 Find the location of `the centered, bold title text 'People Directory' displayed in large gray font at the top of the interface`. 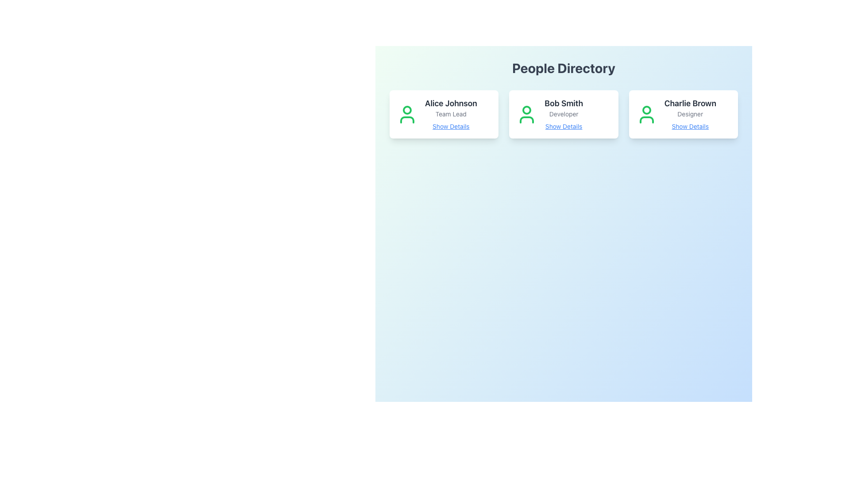

the centered, bold title text 'People Directory' displayed in large gray font at the top of the interface is located at coordinates (563, 68).